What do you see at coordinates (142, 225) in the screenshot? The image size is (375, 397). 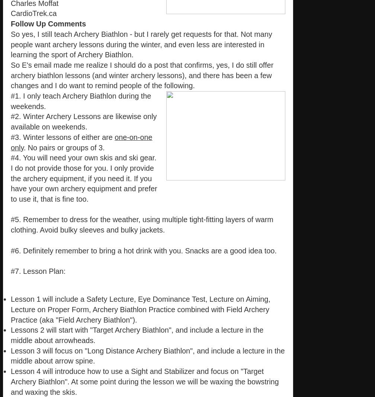 I see `'#5. Remember to dress for the weather, using multiple tight-fitting layers of warm clothing. Avoid bulky sleeves and bulky jackets.'` at bounding box center [142, 225].